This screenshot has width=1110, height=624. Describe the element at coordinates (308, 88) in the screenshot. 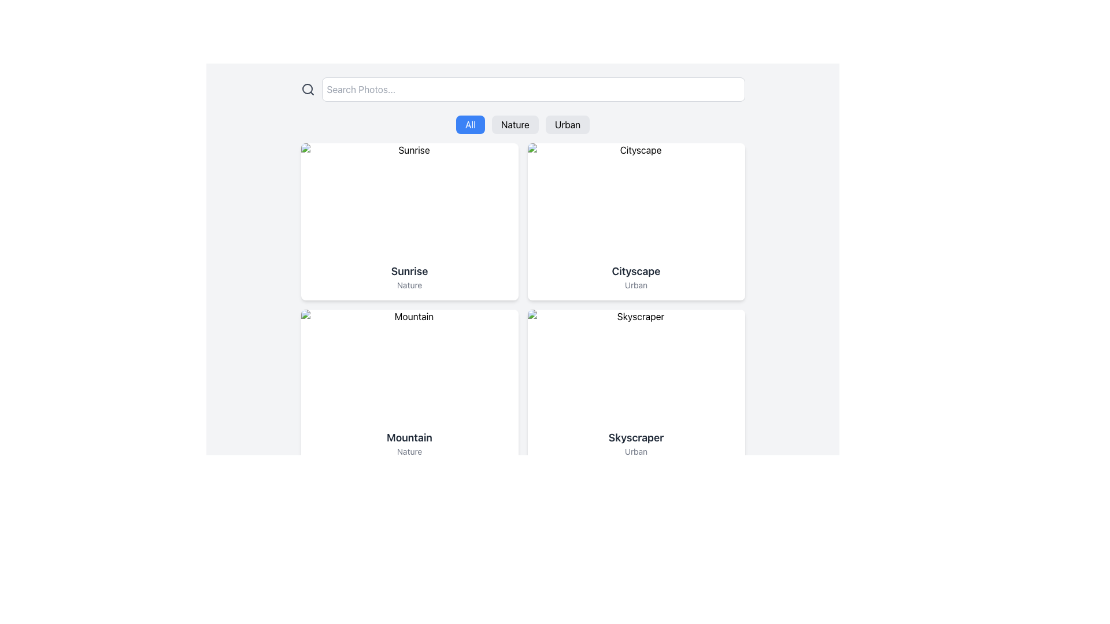

I see `the magnifying glass icon, which is dark gray and positioned on the leftmost side of the horizontal layout before the search input box` at that location.